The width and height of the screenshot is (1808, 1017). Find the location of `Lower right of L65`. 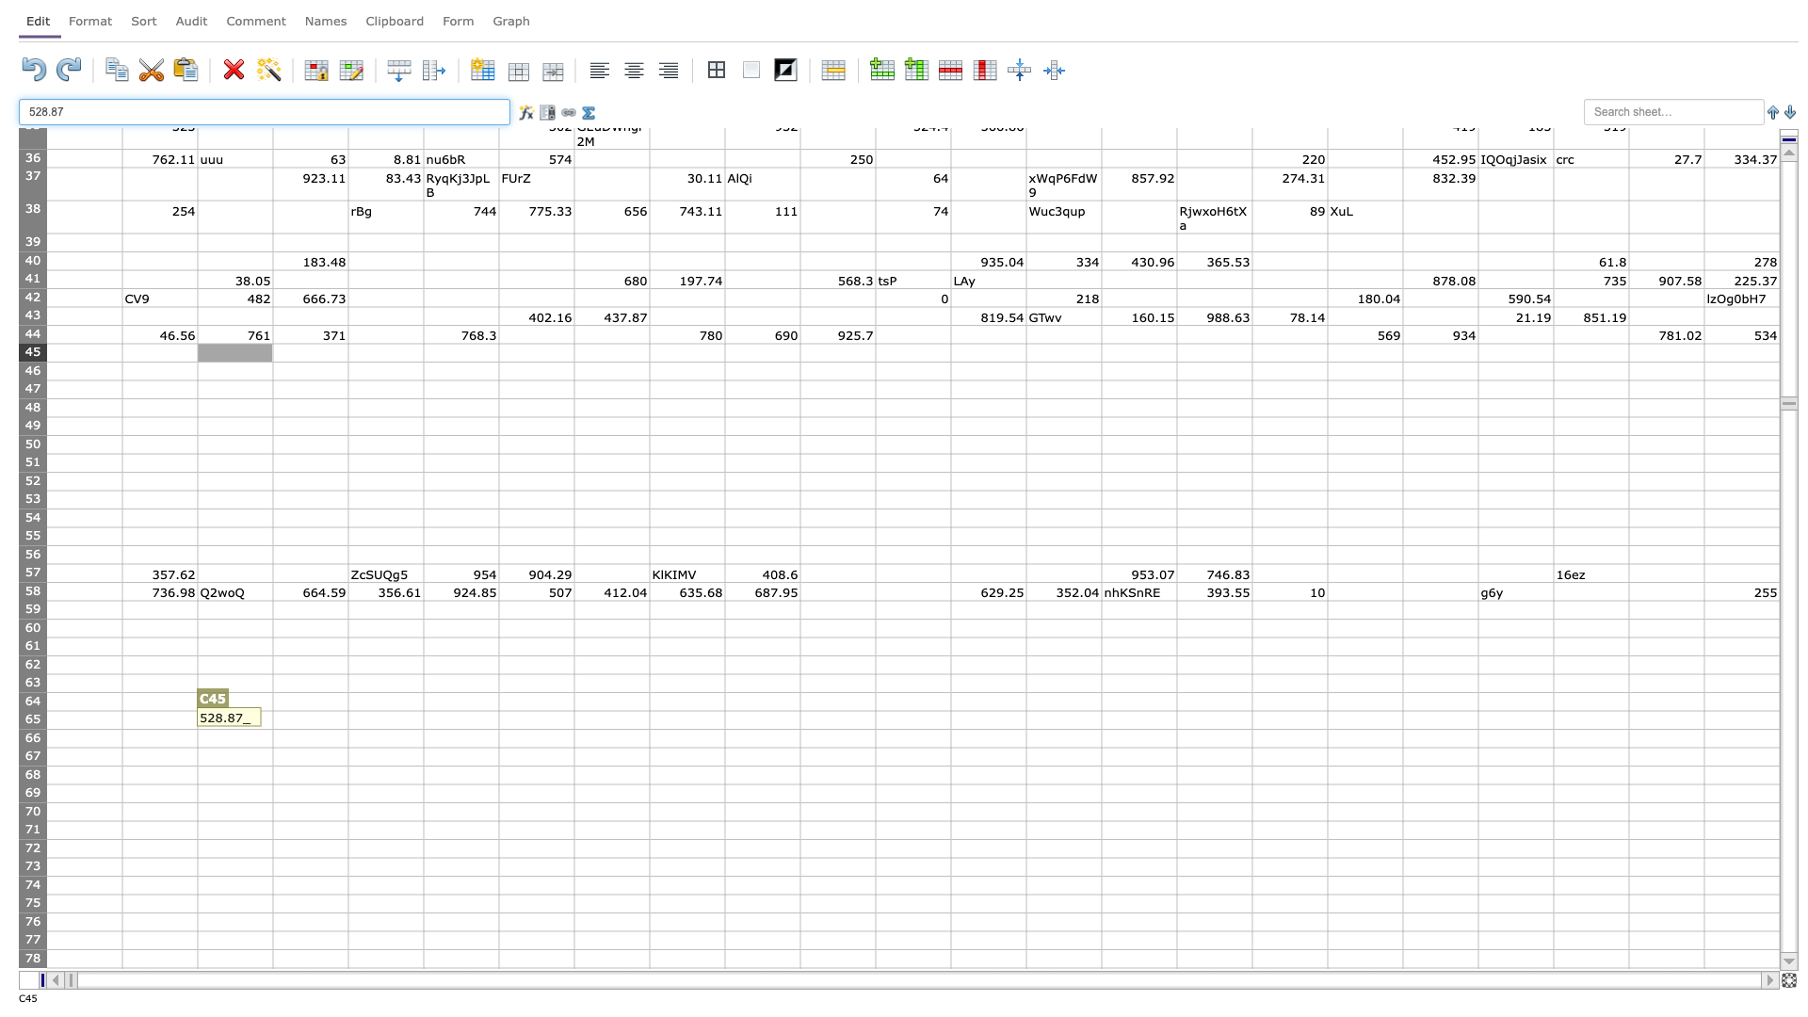

Lower right of L65 is located at coordinates (950, 728).